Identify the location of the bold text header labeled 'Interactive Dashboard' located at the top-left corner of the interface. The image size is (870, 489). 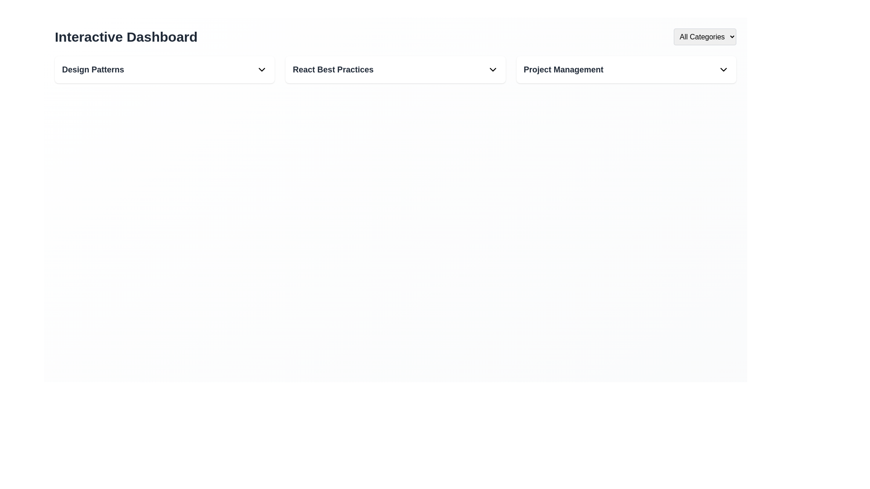
(126, 36).